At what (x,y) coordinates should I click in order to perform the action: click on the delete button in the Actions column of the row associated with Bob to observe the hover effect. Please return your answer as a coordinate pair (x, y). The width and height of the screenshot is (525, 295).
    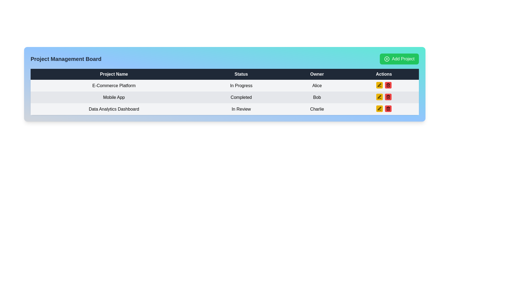
    Looking at the image, I should click on (388, 85).